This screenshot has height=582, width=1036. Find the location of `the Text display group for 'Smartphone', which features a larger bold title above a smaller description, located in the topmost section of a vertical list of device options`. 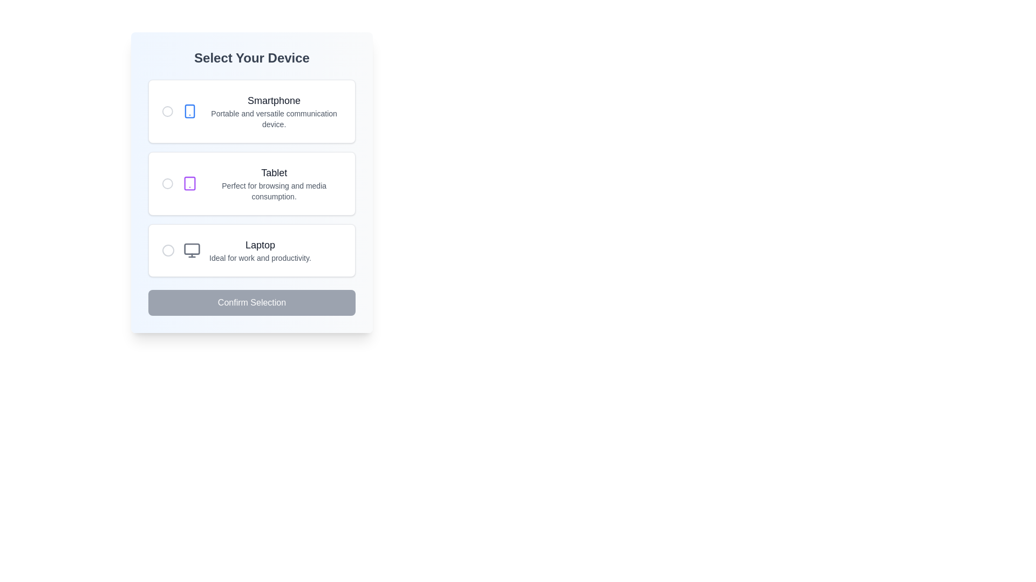

the Text display group for 'Smartphone', which features a larger bold title above a smaller description, located in the topmost section of a vertical list of device options is located at coordinates (274, 112).